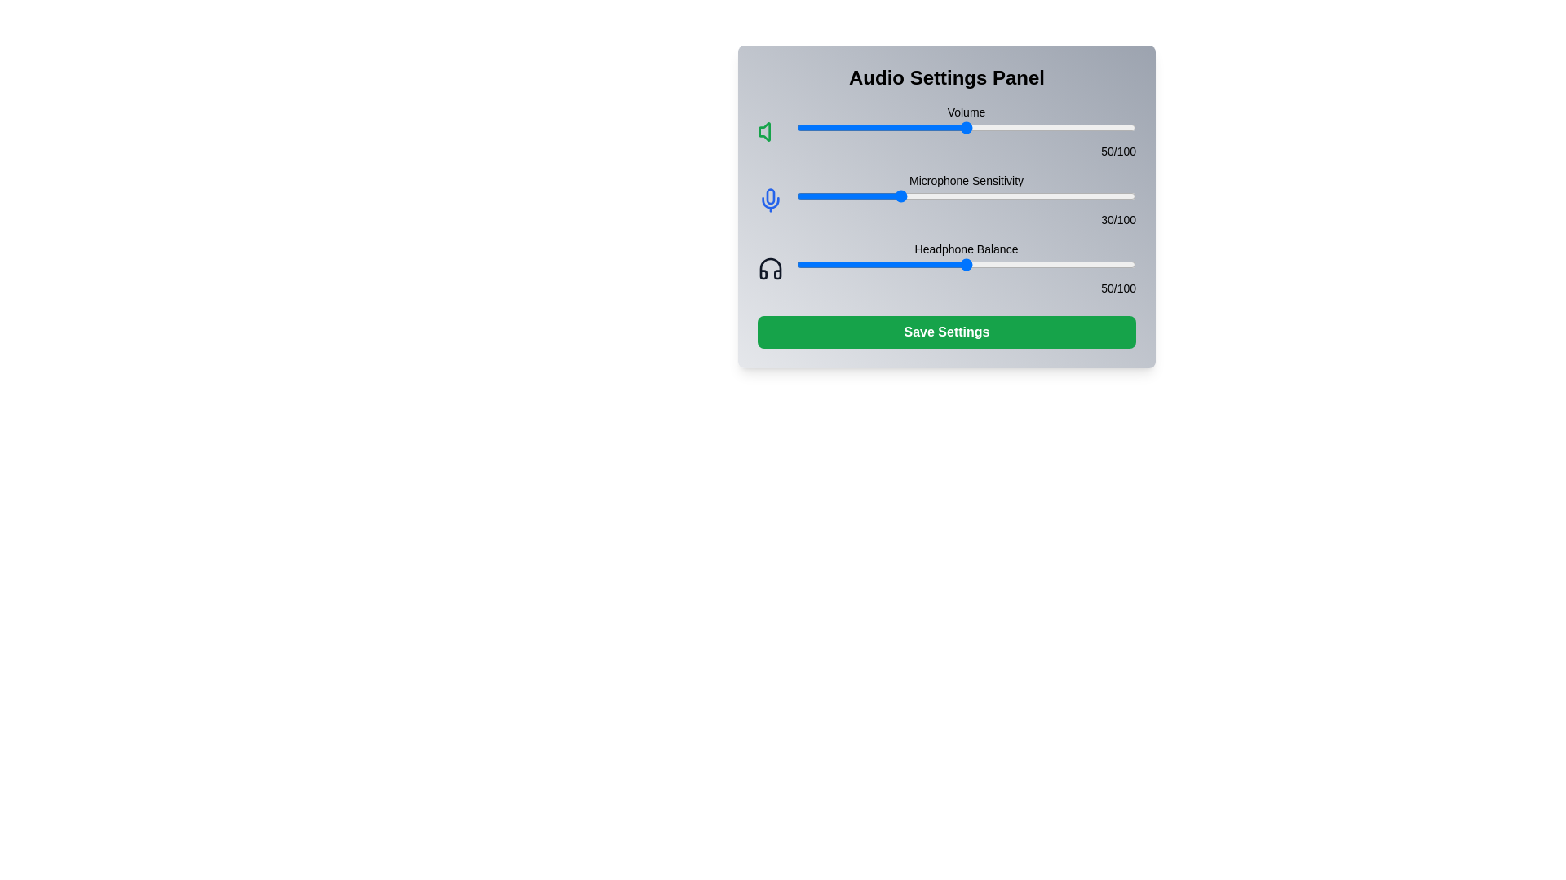 The width and height of the screenshot is (1566, 880). What do you see at coordinates (908, 127) in the screenshot?
I see `the volume slider` at bounding box center [908, 127].